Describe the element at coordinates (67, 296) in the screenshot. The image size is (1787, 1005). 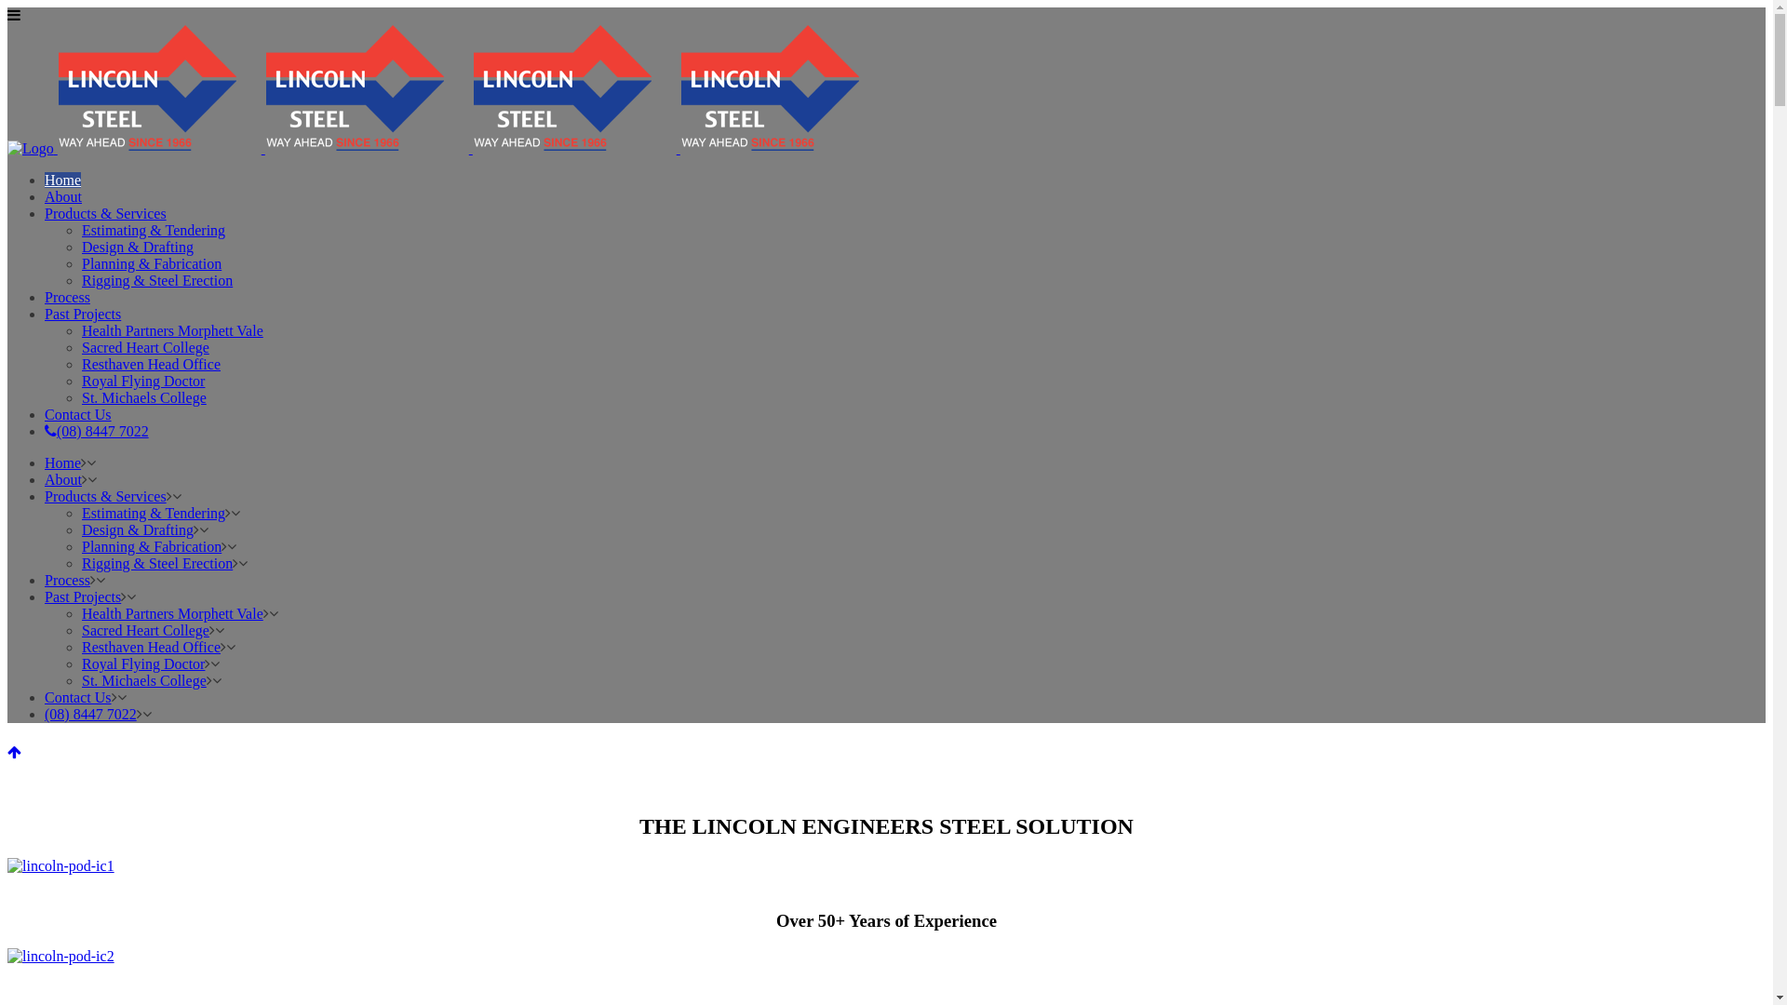
I see `'Process'` at that location.